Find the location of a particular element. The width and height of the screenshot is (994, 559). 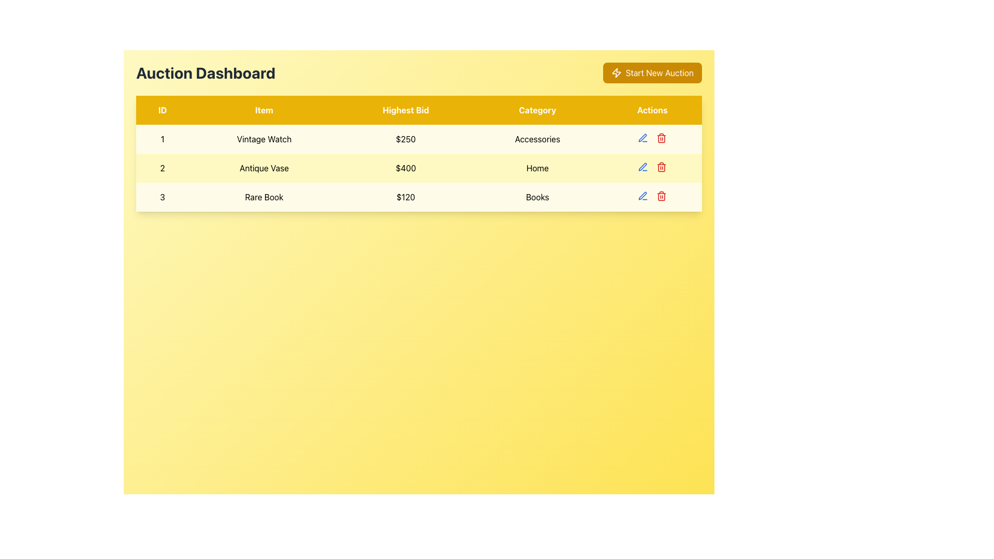

the text display showing '$120' in black on a light yellow background within the 'Highest Bid' column of the table, corresponding to '3 Rare Book Books' is located at coordinates (405, 197).